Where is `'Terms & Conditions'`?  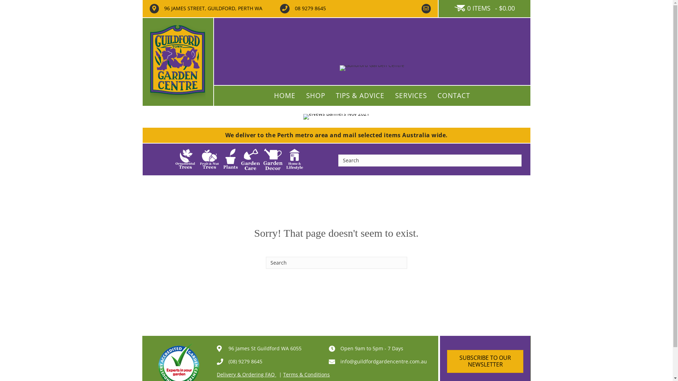
'Terms & Conditions' is located at coordinates (307, 374).